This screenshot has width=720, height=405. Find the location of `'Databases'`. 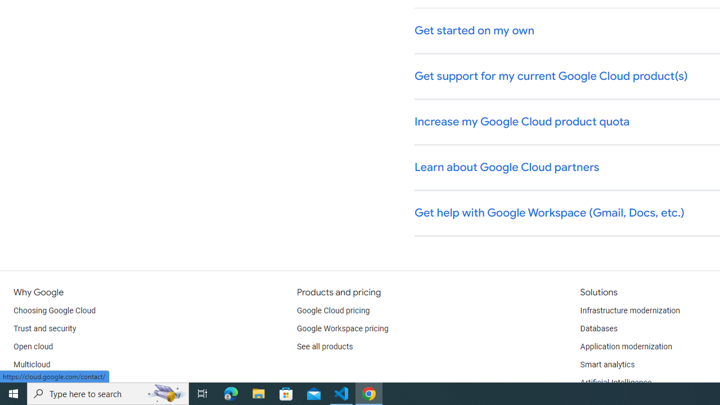

'Databases' is located at coordinates (598, 329).